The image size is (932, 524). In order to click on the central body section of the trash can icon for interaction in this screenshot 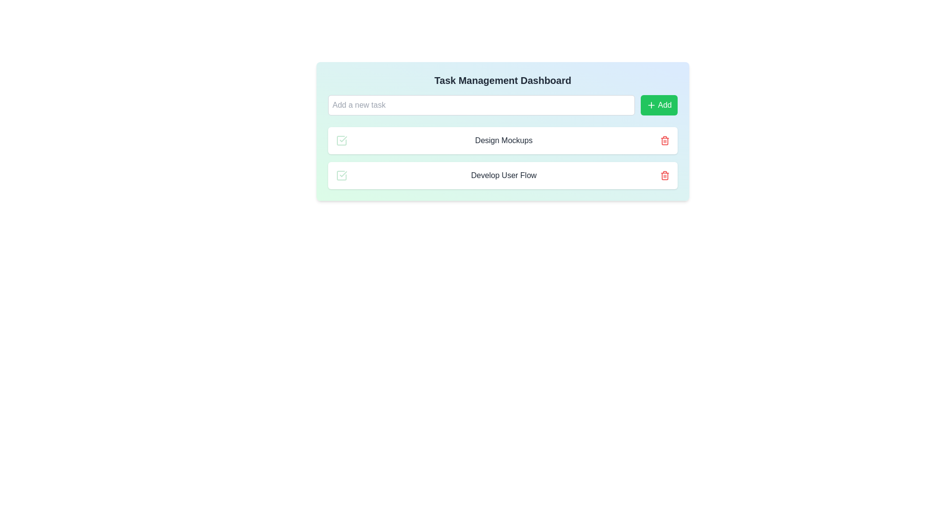, I will do `click(664, 176)`.